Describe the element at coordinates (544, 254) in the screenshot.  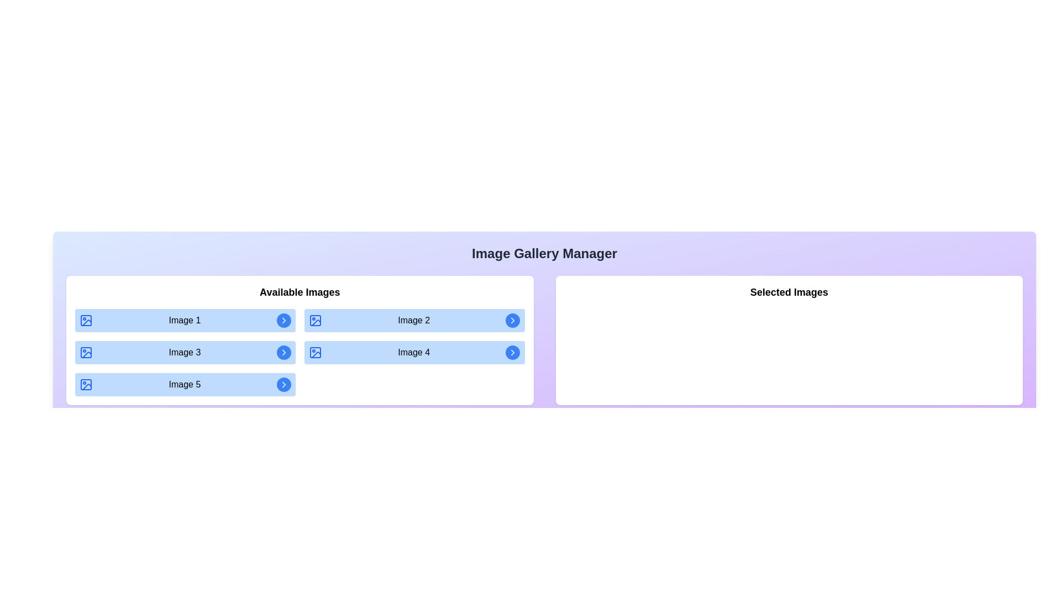
I see `the header text 'Image Gallery Manager' to interact with it` at that location.